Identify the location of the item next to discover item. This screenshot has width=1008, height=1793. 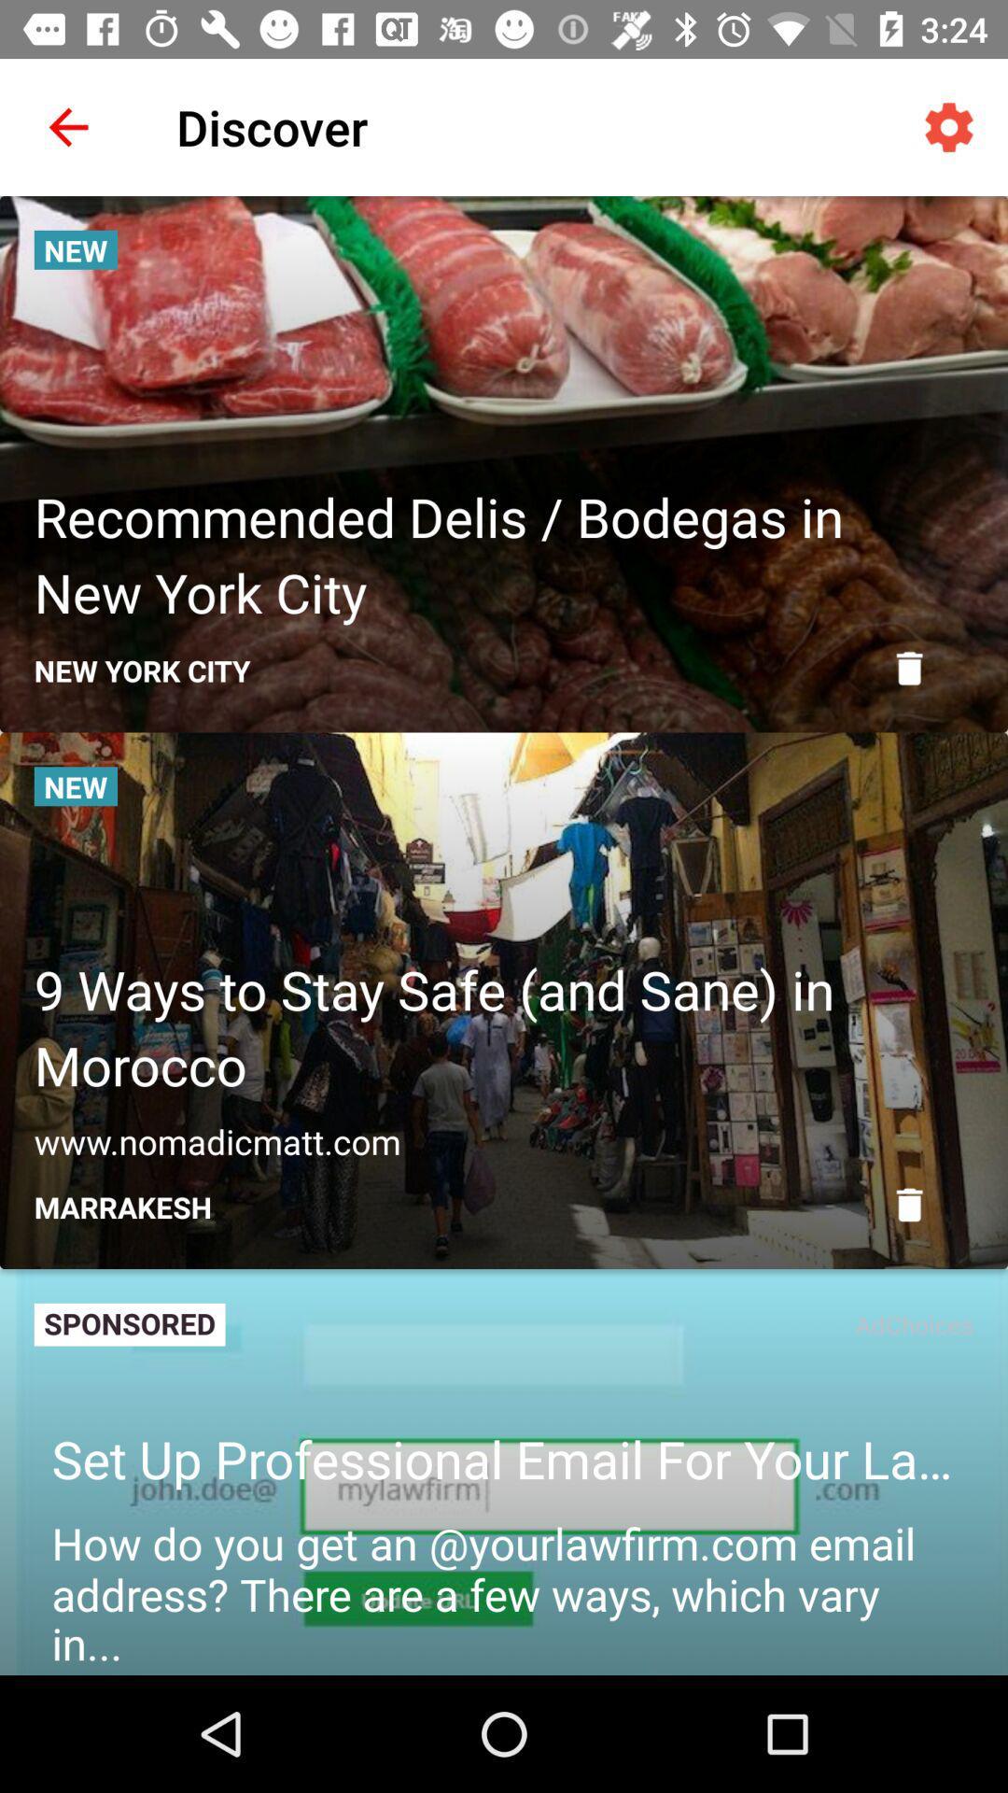
(67, 126).